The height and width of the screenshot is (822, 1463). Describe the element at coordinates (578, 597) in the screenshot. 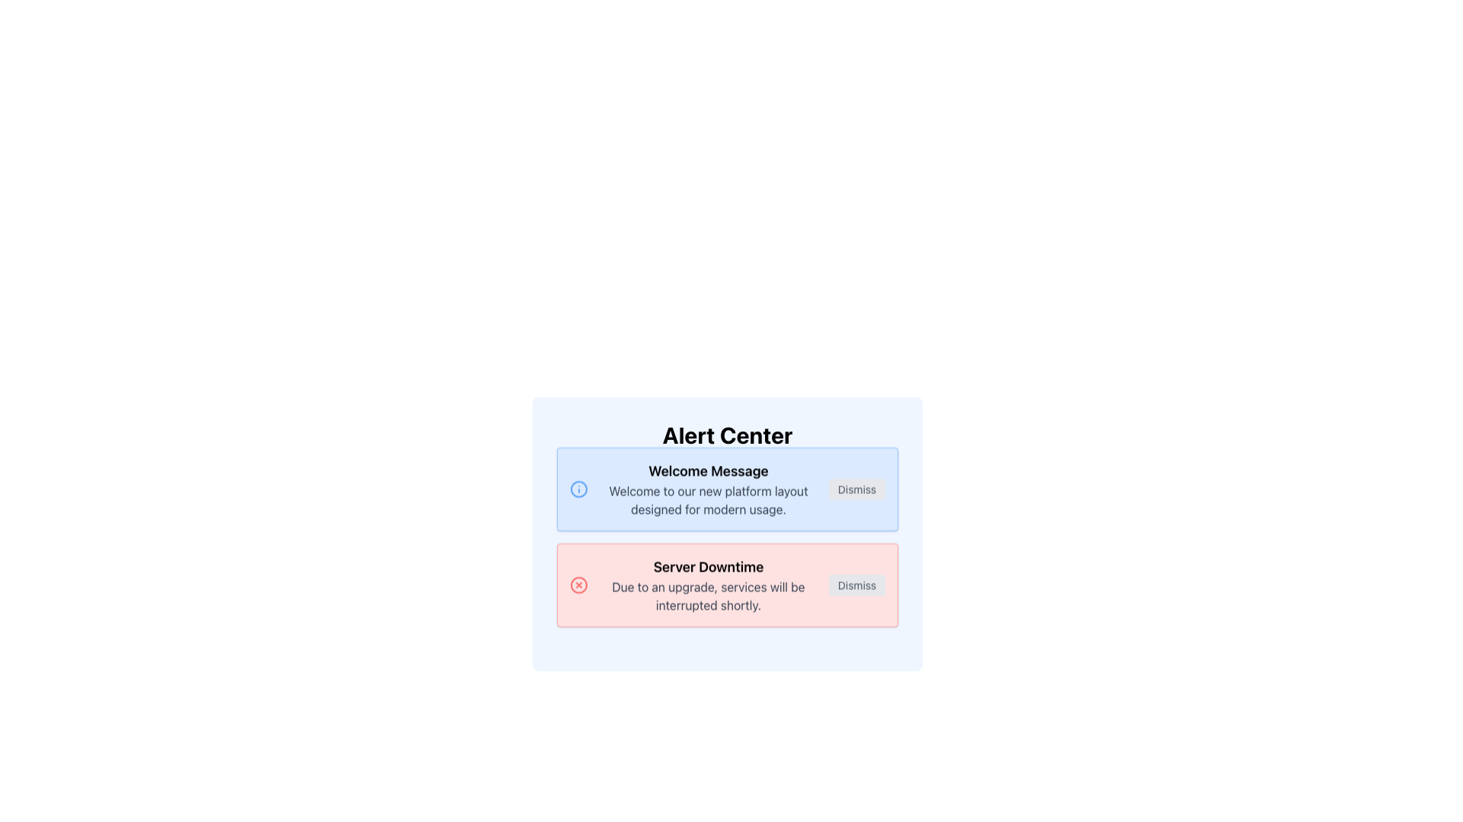

I see `the alert icon representing server downtime, which is located within the notification alert box and positioned to the left of the text content` at that location.